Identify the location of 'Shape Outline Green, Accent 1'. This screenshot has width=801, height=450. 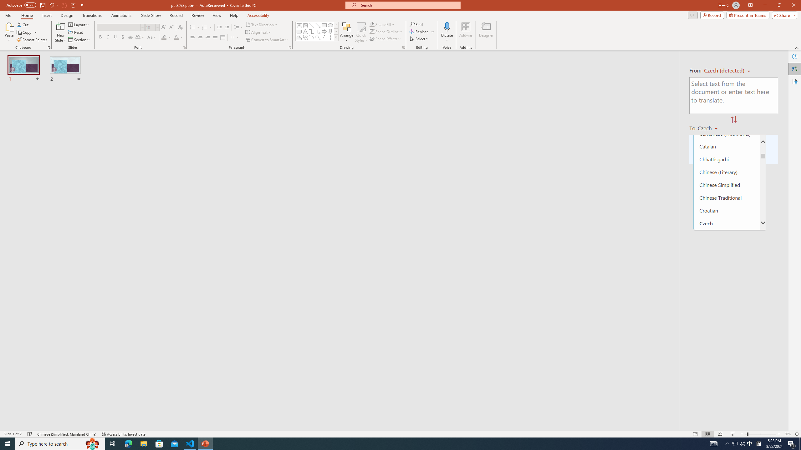
(372, 31).